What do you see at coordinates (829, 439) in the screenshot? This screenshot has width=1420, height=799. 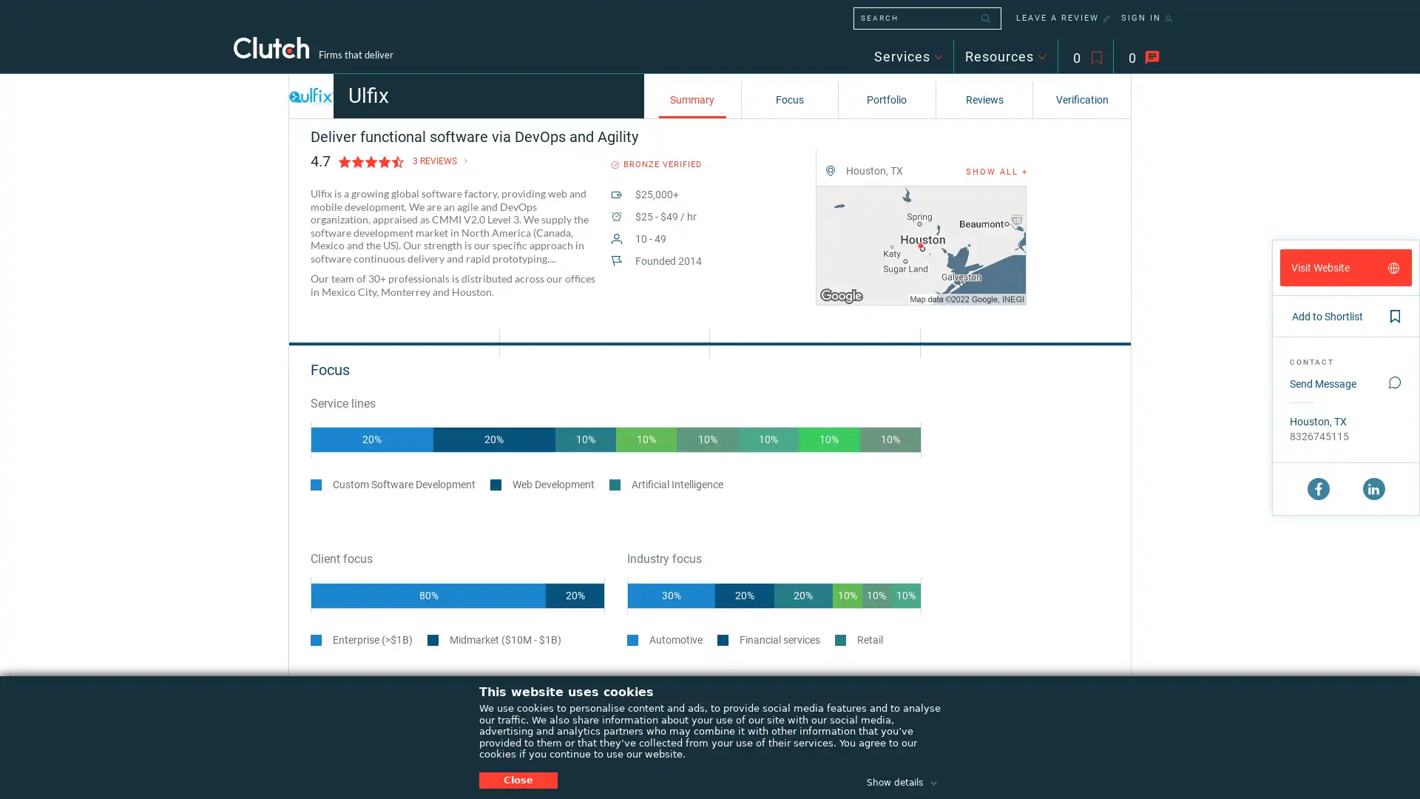 I see `10%` at bounding box center [829, 439].